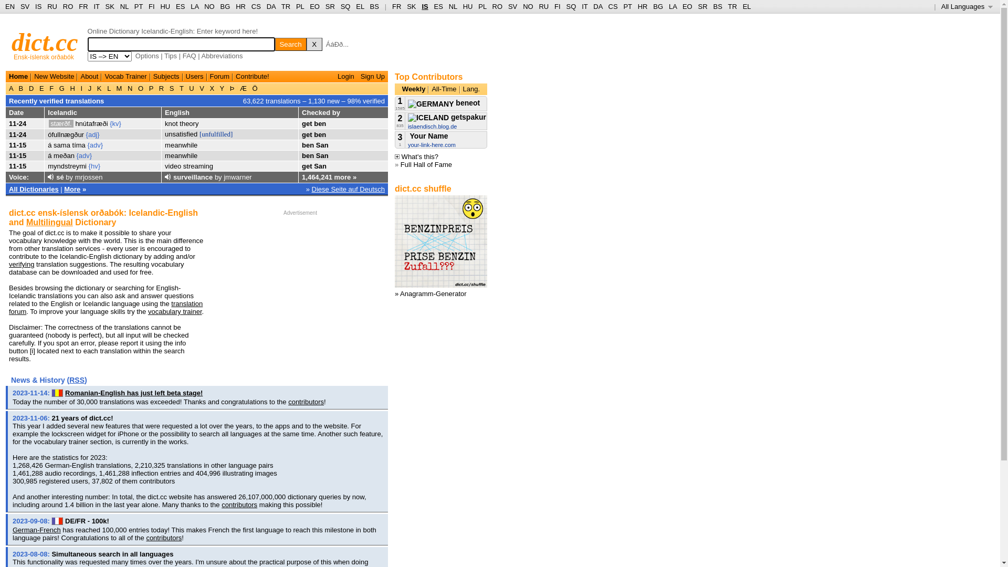  I want to click on 'FAQ', so click(189, 56).